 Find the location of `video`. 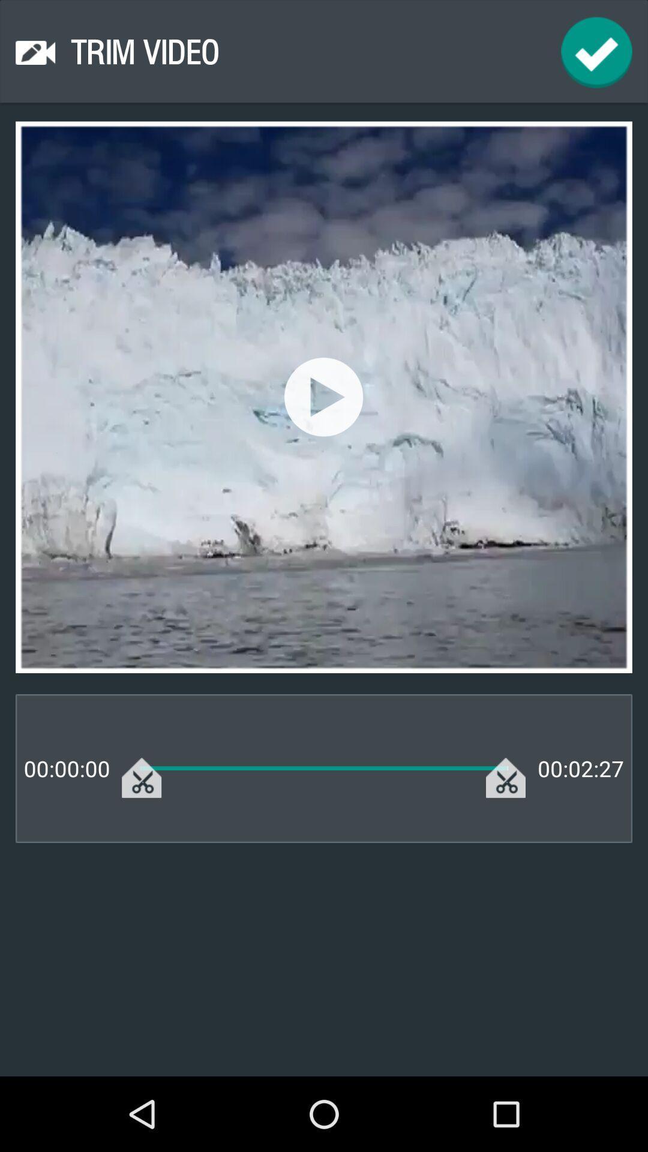

video is located at coordinates (323, 397).